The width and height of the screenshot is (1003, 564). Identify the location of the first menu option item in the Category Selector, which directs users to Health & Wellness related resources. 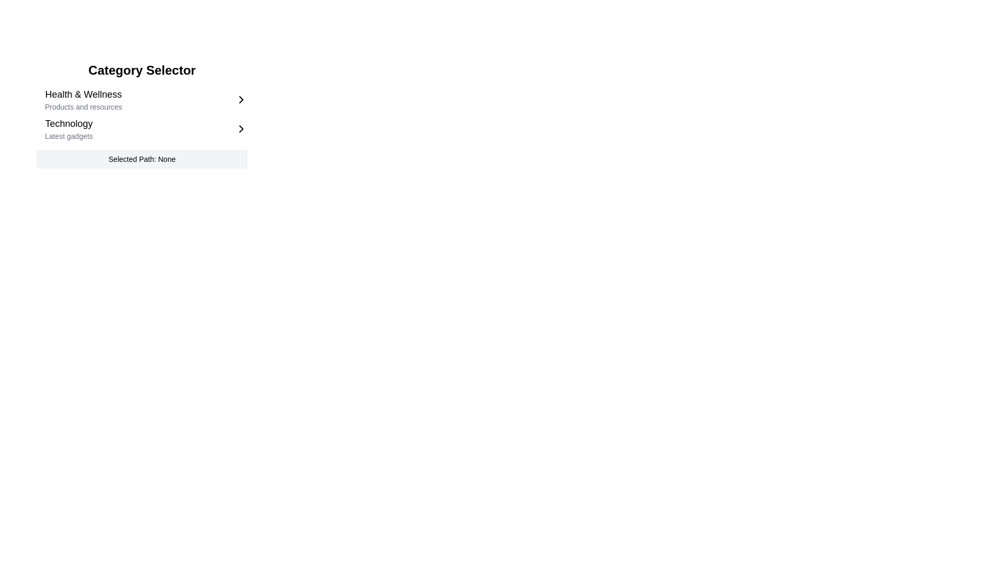
(145, 100).